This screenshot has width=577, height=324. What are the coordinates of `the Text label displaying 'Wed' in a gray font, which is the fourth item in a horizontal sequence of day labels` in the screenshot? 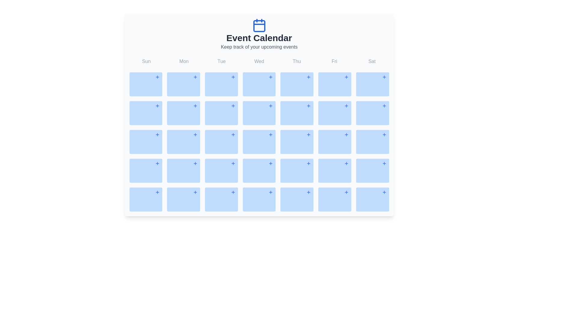 It's located at (259, 61).